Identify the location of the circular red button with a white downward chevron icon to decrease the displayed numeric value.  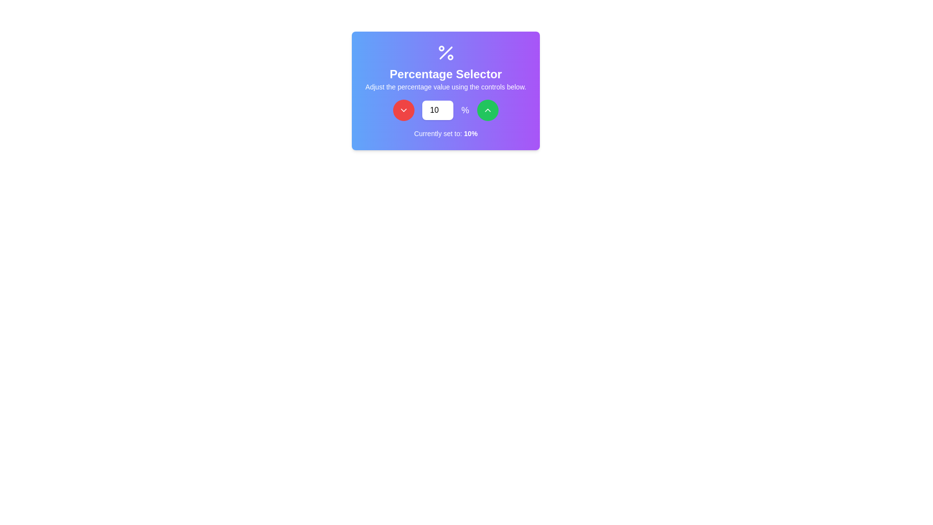
(404, 110).